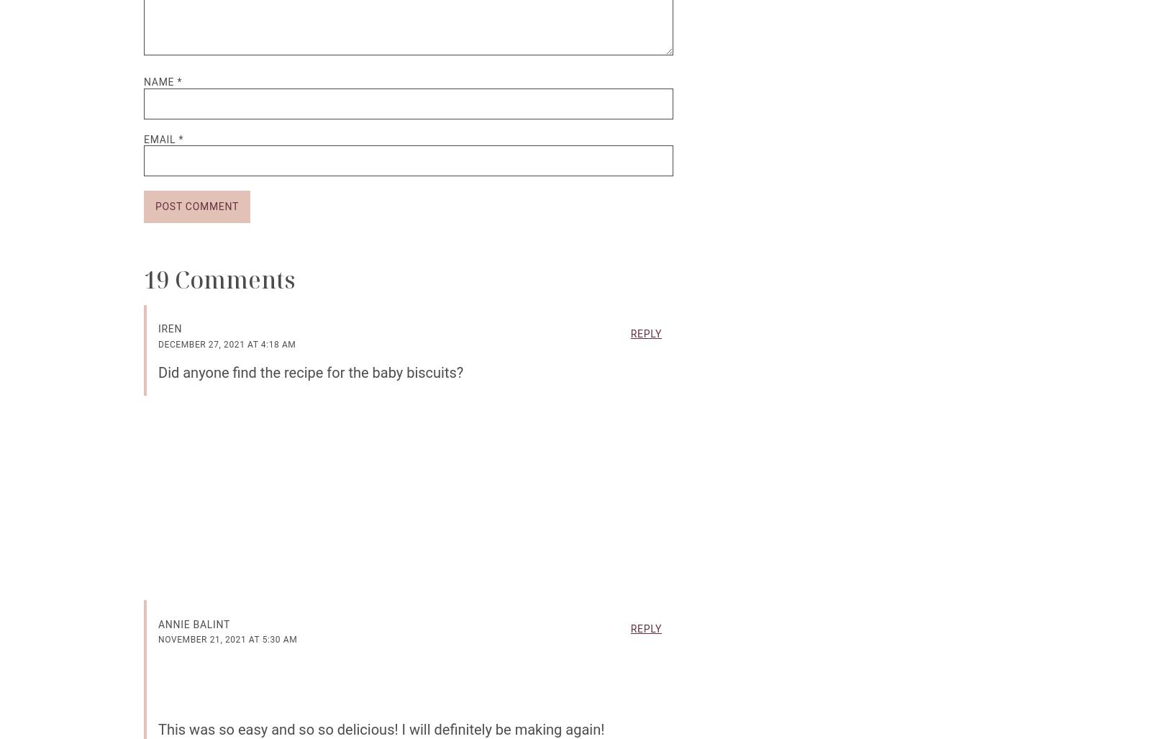 This screenshot has height=739, width=1151. I want to click on 'November 21, 2021 at 5:30 am', so click(227, 638).